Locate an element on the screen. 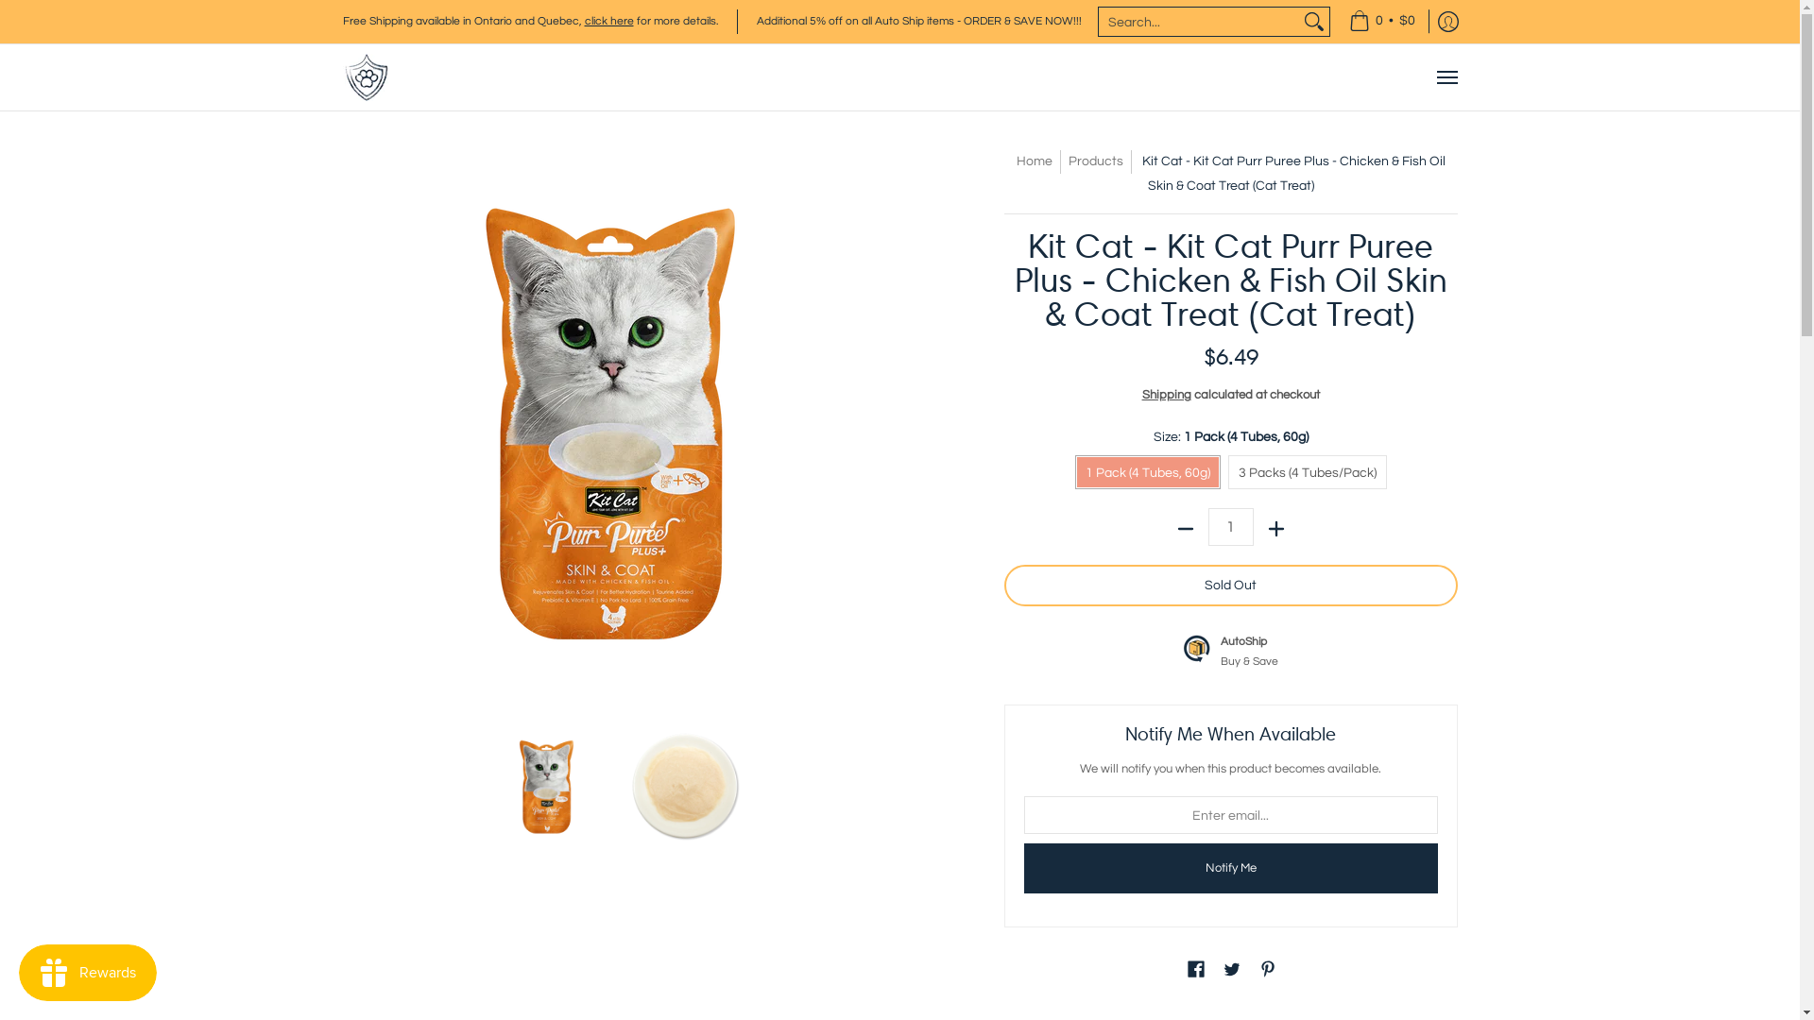 This screenshot has width=1814, height=1020. 'AutoShip is located at coordinates (1182, 648).